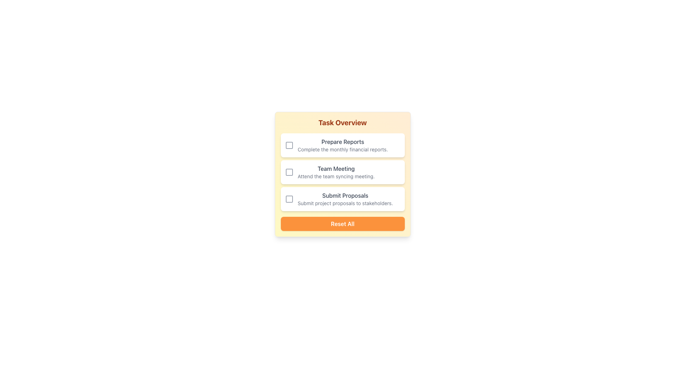 This screenshot has width=680, height=382. What do you see at coordinates (342, 172) in the screenshot?
I see `on the second checklist item in the 'Task Overview' section` at bounding box center [342, 172].